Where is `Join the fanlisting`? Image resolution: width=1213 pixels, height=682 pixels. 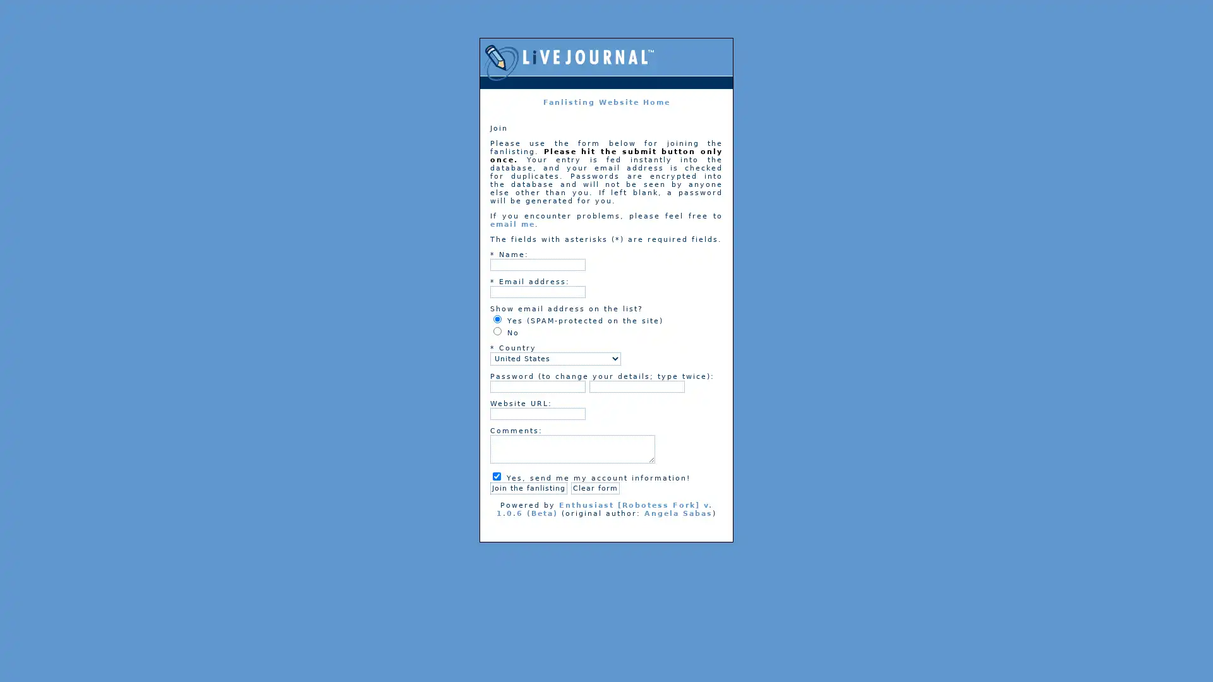
Join the fanlisting is located at coordinates (528, 488).